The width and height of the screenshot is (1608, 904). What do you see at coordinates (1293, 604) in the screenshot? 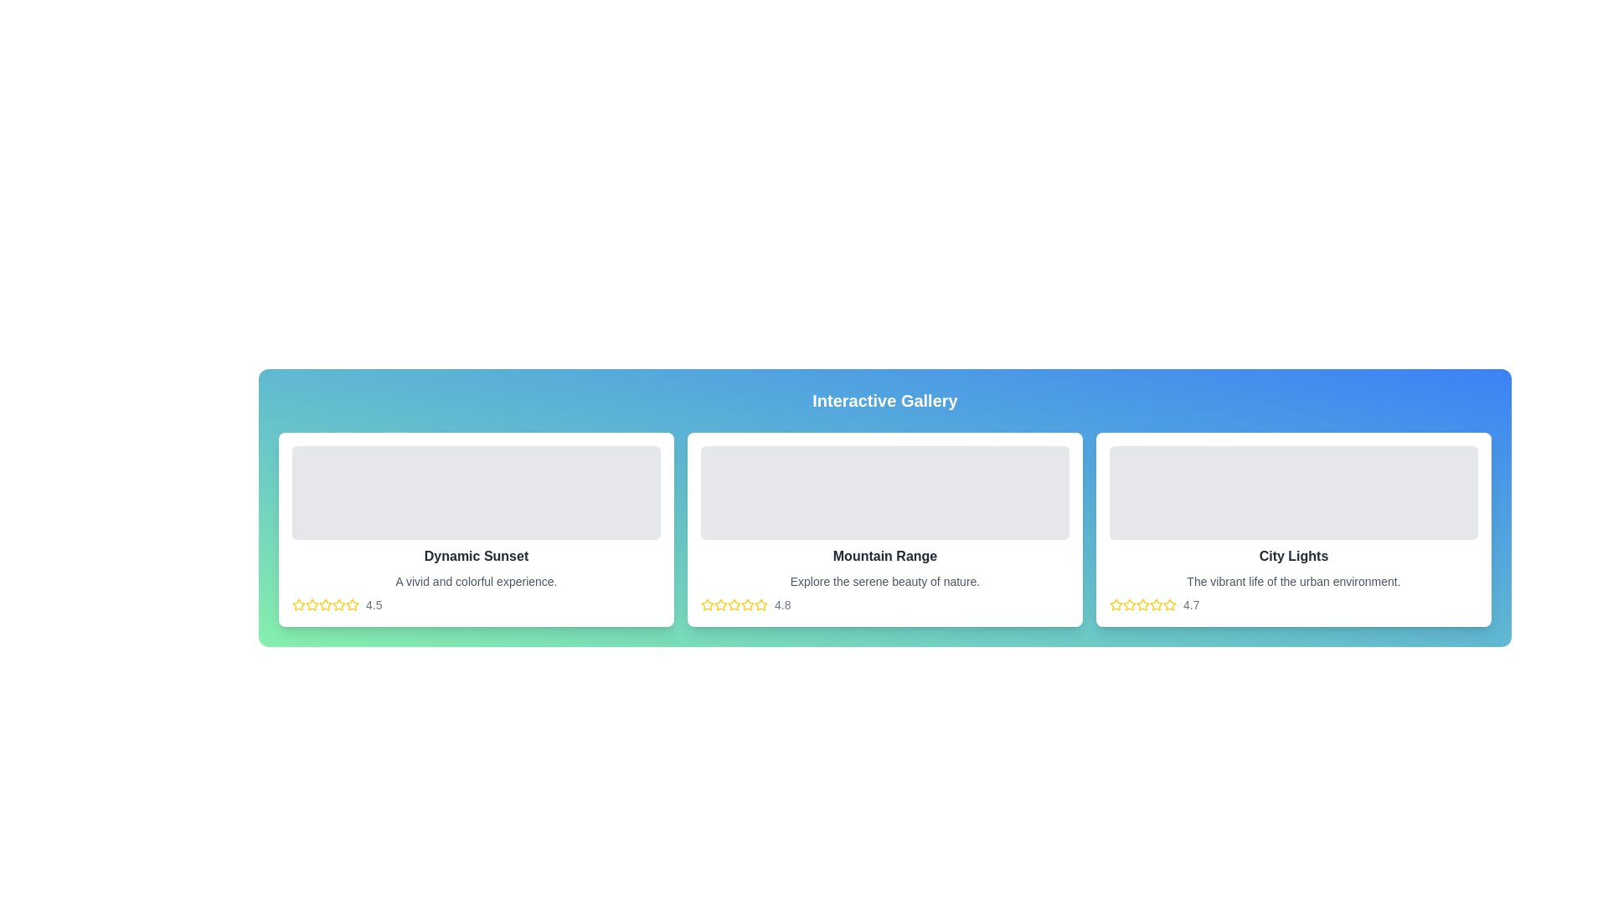
I see `the stars in the Rating Component located below 'The vibrant life of the urban environment.' in the 'City Lights' section` at bounding box center [1293, 604].